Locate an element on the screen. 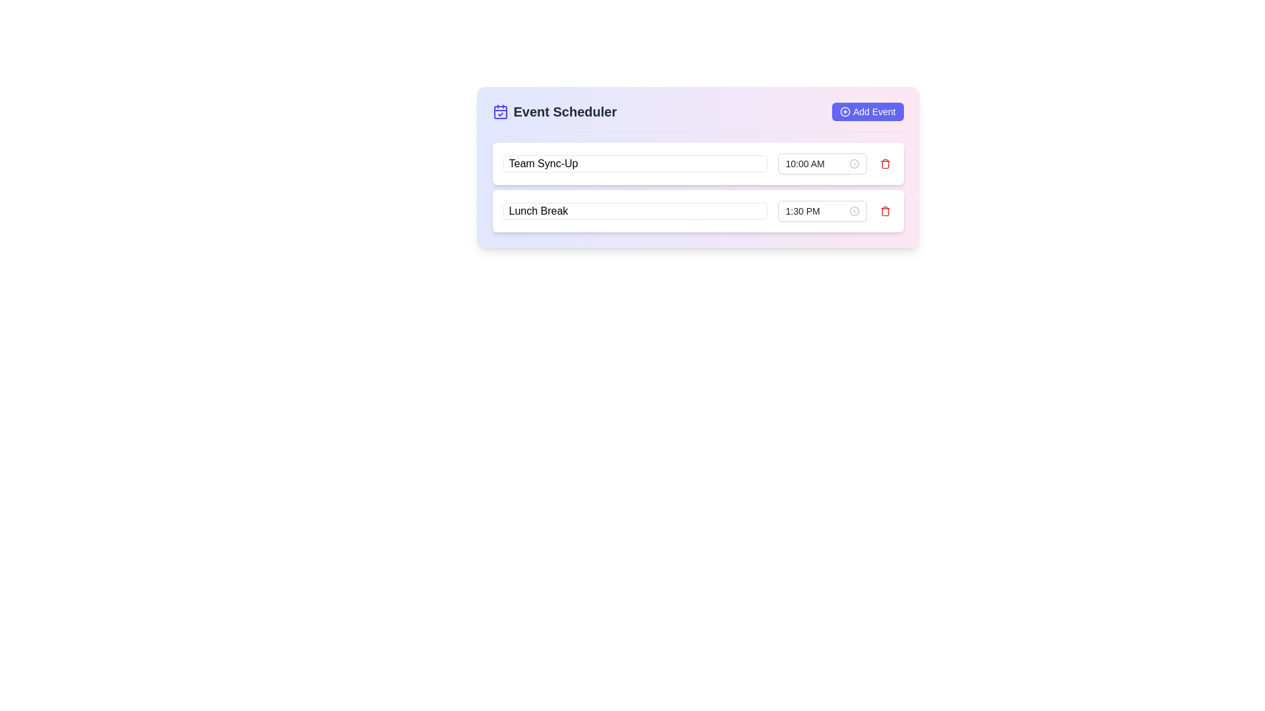  text label that says 'Add Event' which is displayed in white font on a purple background, located within the button component in the top-right corner of the interface is located at coordinates (874, 111).